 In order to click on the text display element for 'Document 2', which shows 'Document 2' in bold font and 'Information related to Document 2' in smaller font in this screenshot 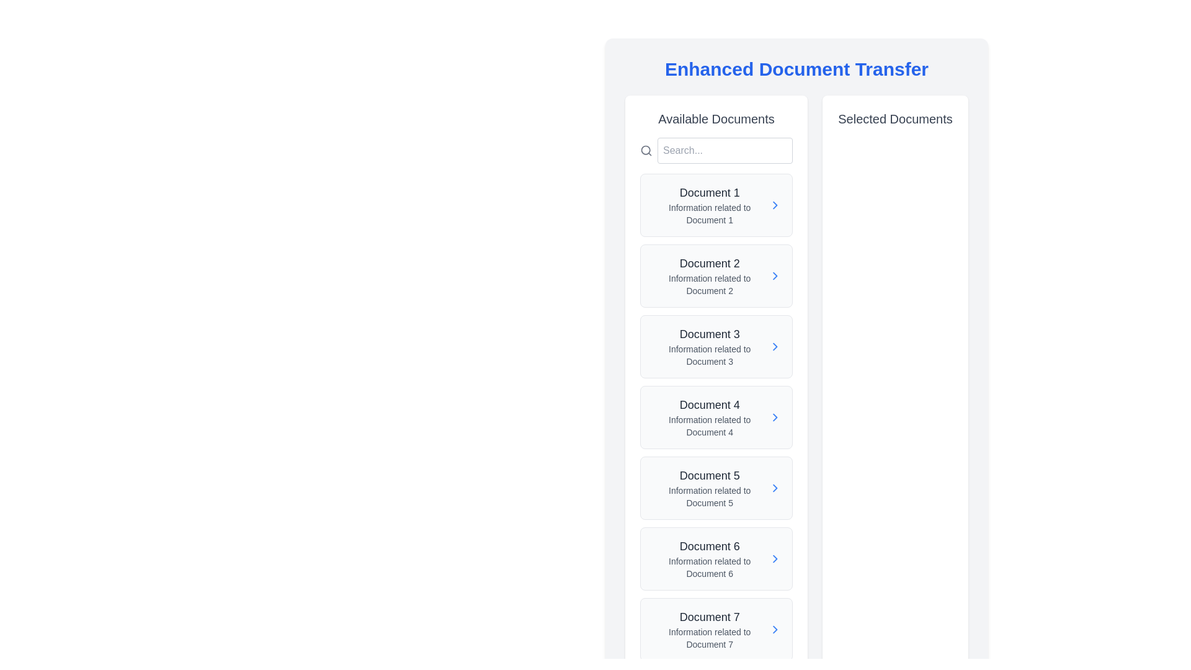, I will do `click(710, 275)`.